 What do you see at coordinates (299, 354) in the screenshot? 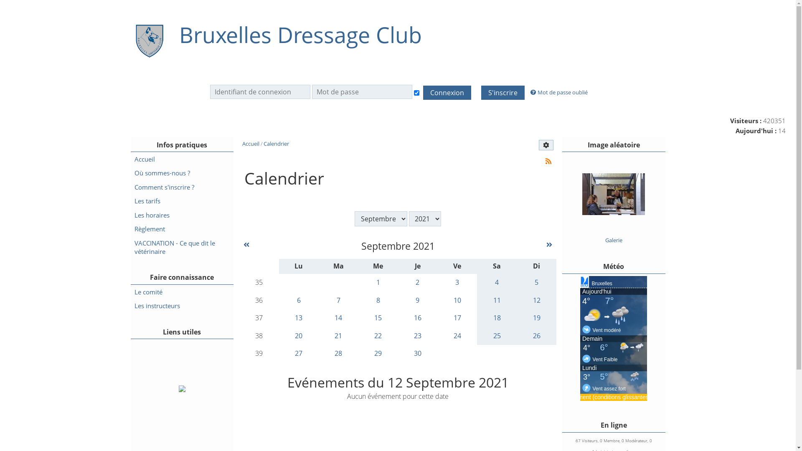
I see `'27'` at bounding box center [299, 354].